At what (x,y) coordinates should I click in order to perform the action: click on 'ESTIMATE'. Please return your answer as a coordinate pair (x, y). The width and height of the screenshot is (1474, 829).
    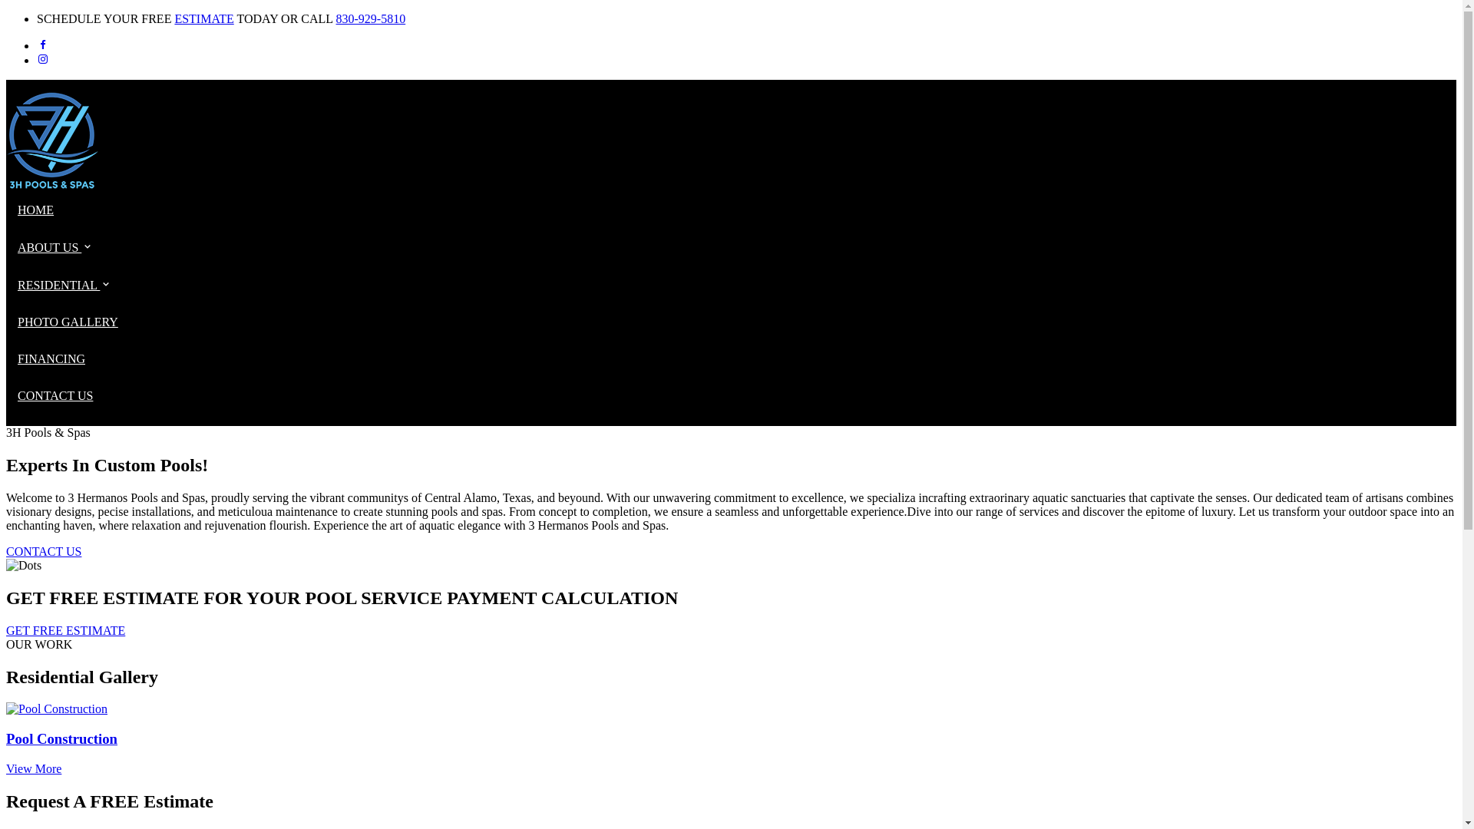
    Looking at the image, I should click on (203, 18).